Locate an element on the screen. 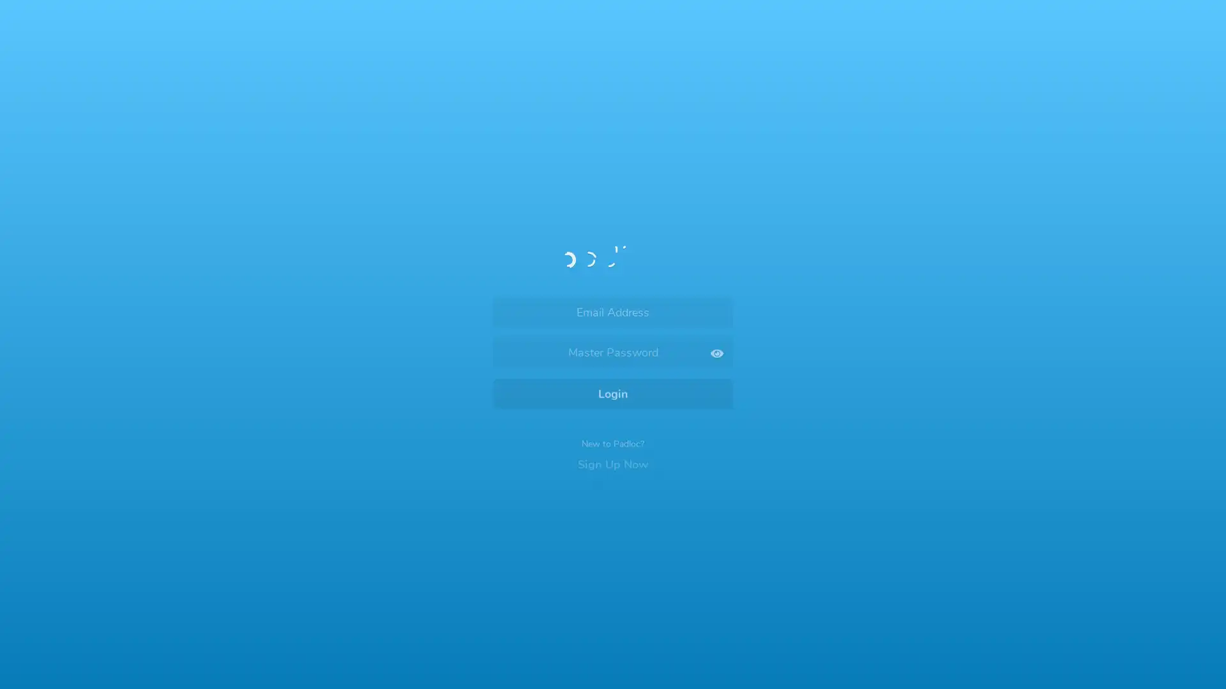 The width and height of the screenshot is (1226, 689). Login is located at coordinates (613, 385).